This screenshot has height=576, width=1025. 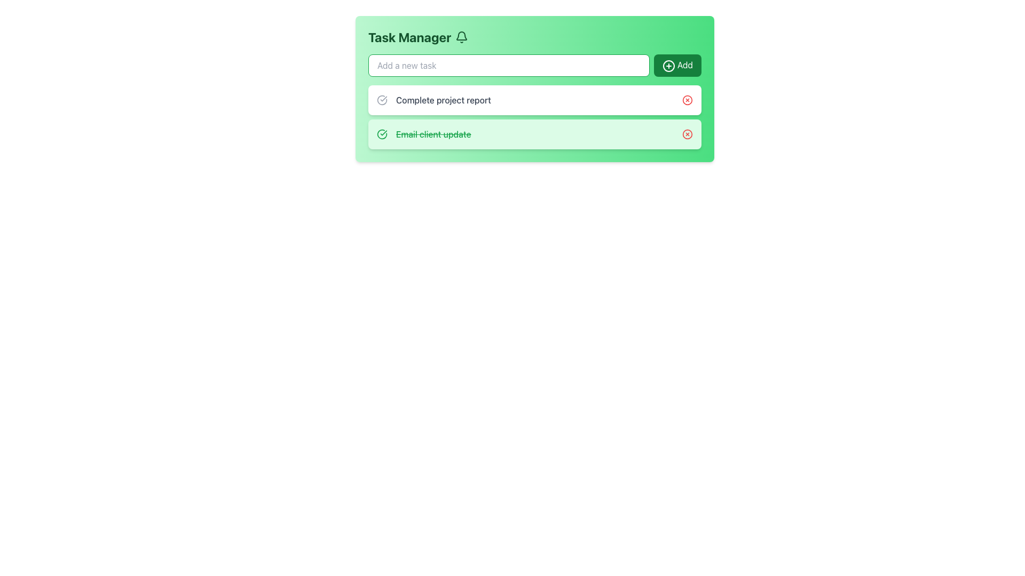 I want to click on text from the text label displaying 'Email client update', which is styled with a green color and has a line-through indicating it is marked as completed, so click(x=433, y=133).